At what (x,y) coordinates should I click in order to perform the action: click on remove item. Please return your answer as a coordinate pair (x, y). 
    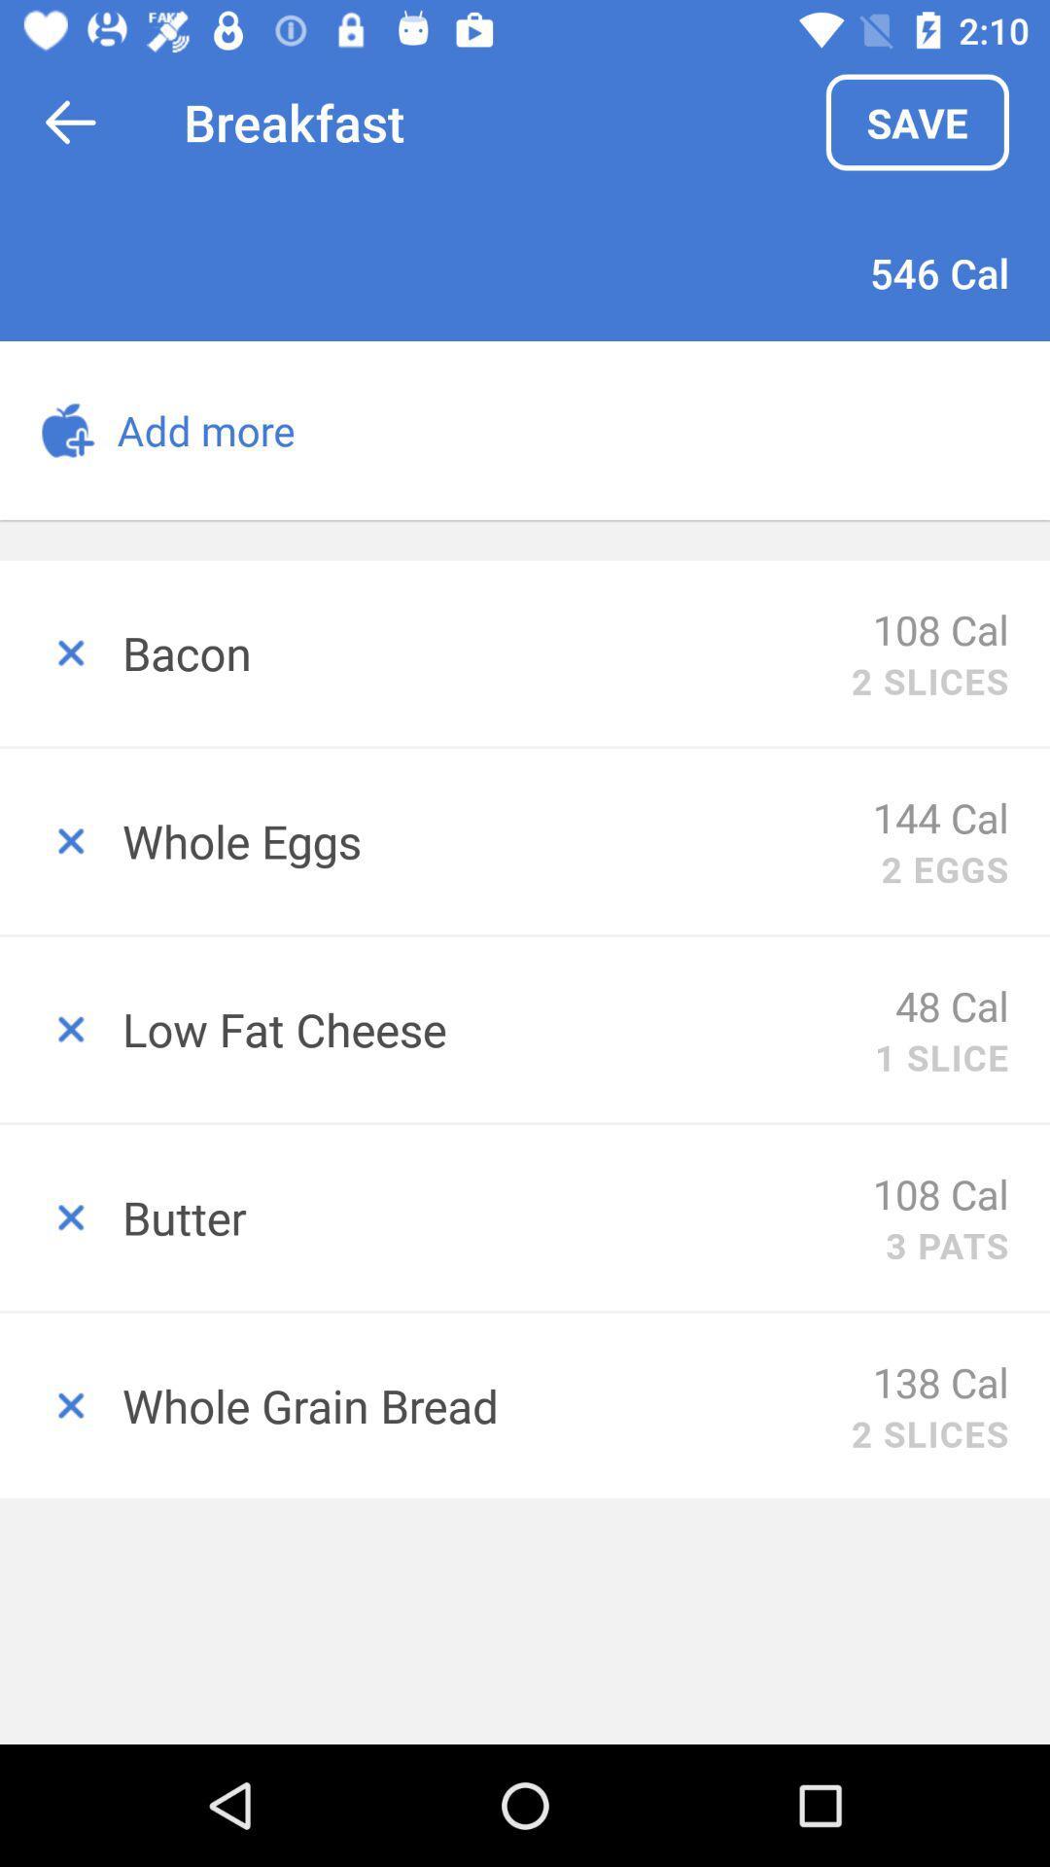
    Looking at the image, I should click on (59, 1029).